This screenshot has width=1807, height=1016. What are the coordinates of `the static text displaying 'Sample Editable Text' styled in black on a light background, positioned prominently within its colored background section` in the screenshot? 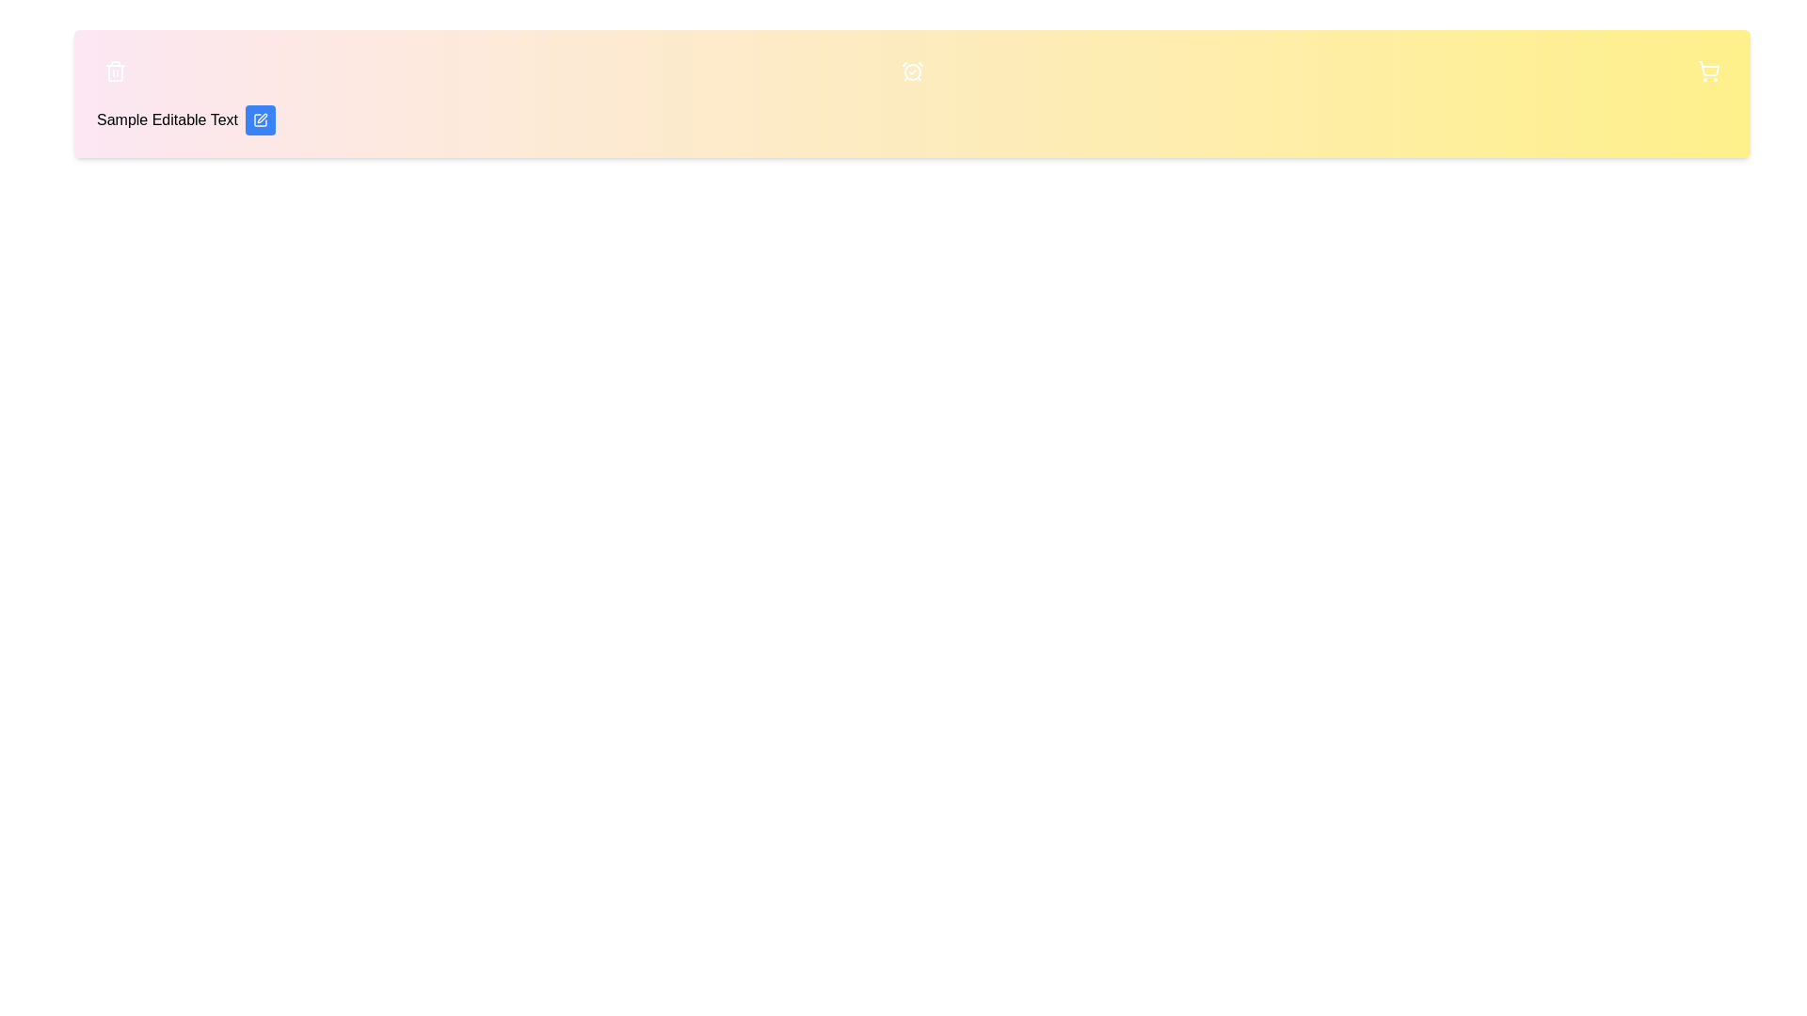 It's located at (167, 119).